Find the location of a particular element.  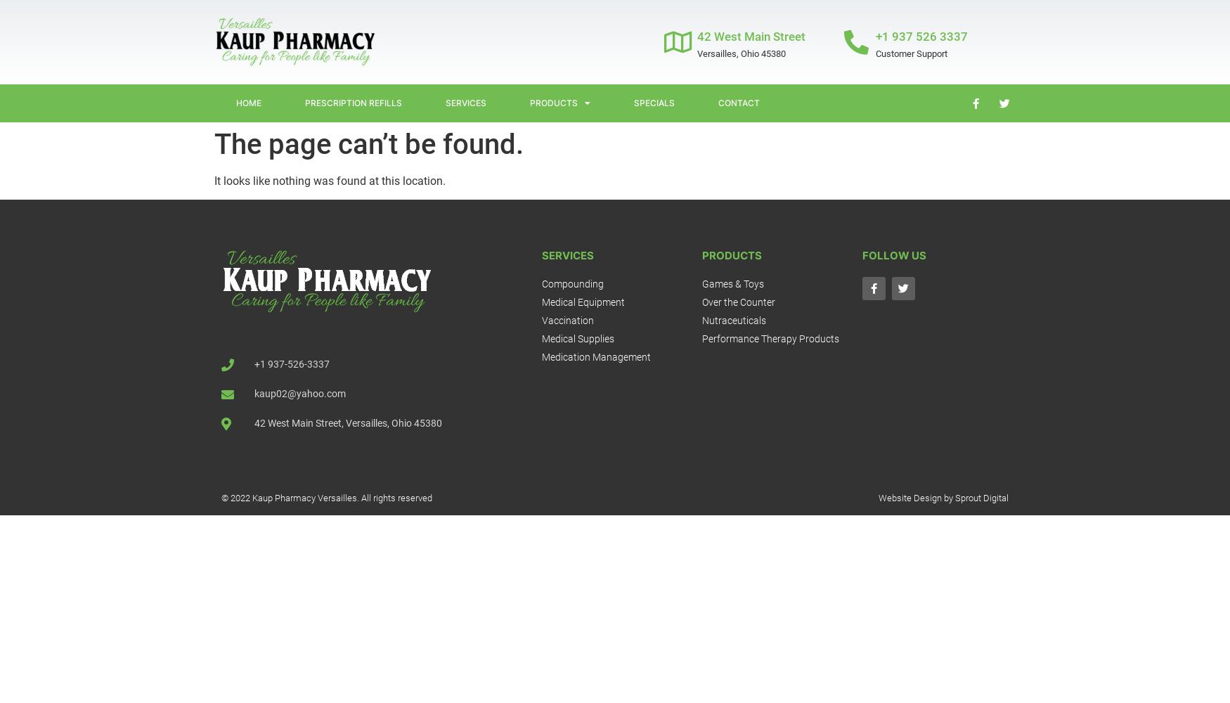

'42 West Main Street, Versailles, Ohio 45380' is located at coordinates (347, 423).